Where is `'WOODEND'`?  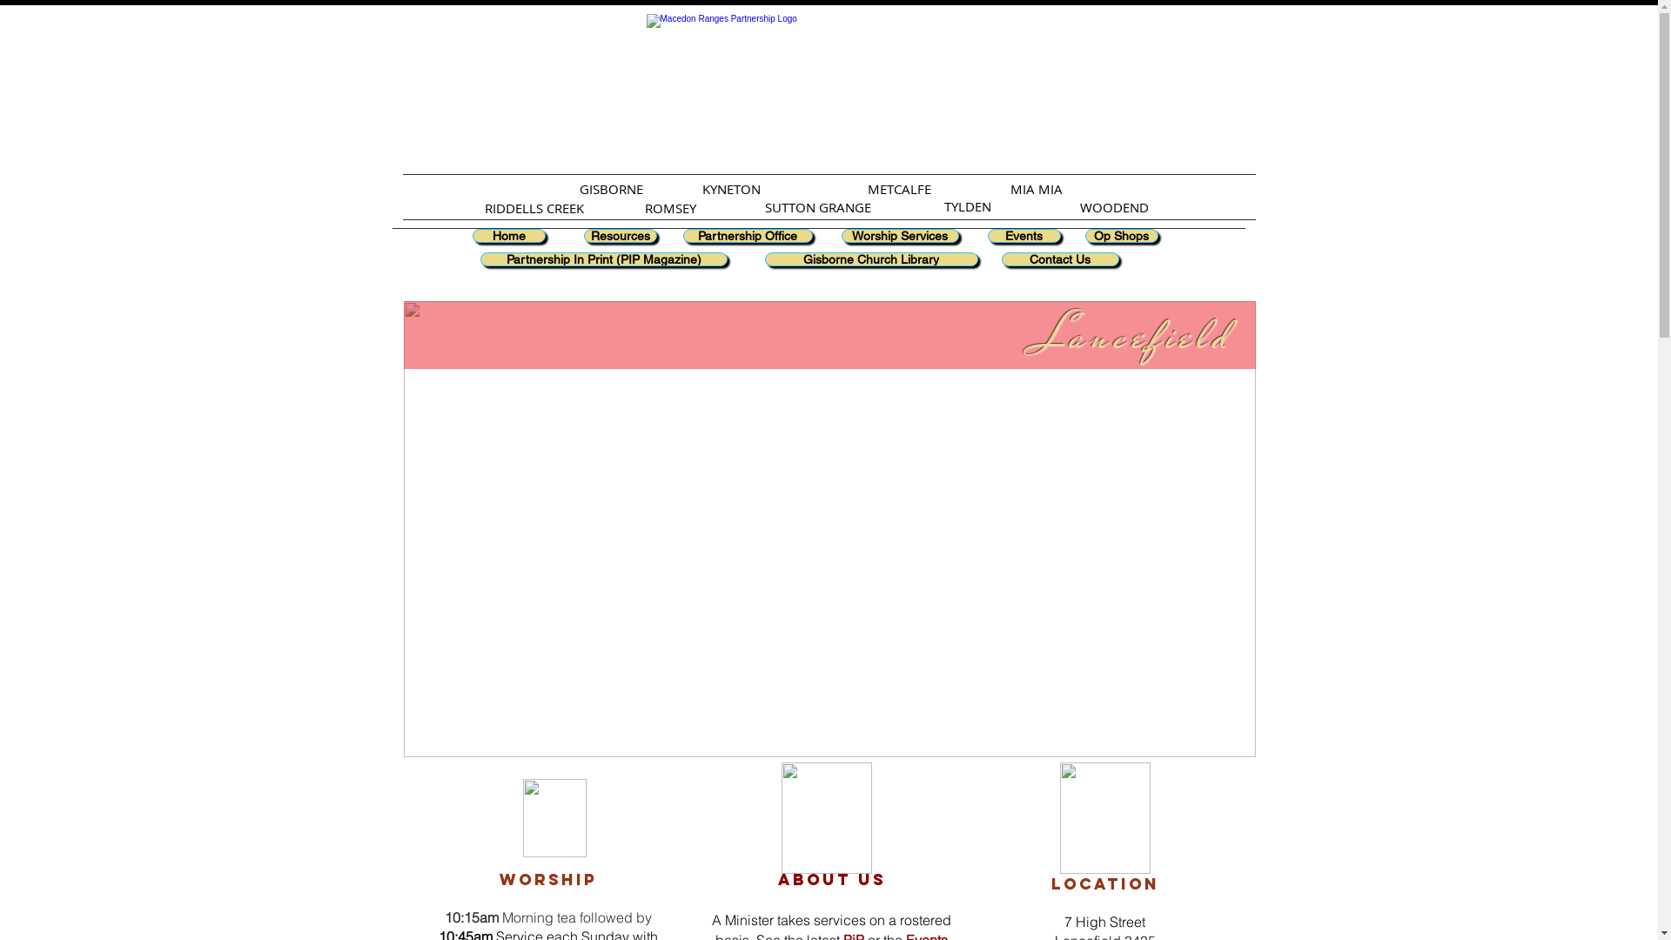 'WOODEND' is located at coordinates (1112, 206).